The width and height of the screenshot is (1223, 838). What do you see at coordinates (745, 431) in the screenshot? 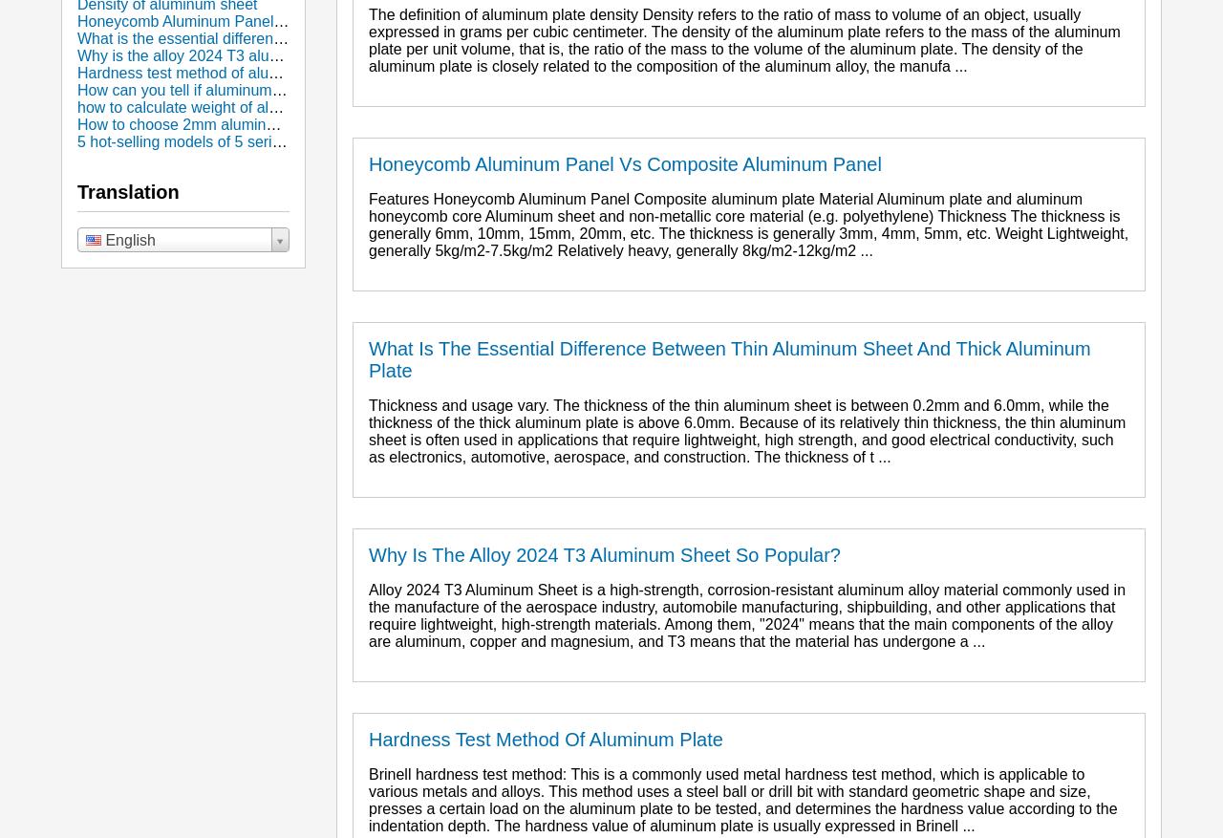
I see `'Thickness and usage vary. The thickness of the thin aluminum sheet is between 0.2mm and 6.0mm, while the thickness of the thick aluminum plate is above 6.0mm. Because of its relatively thin thickness, the thin aluminum sheet is often used in applications that require lightweight, high strength, and good electrical conductivity, such as electronics, automotive, aerospace, and construction. The thickness of t ...'` at bounding box center [745, 431].